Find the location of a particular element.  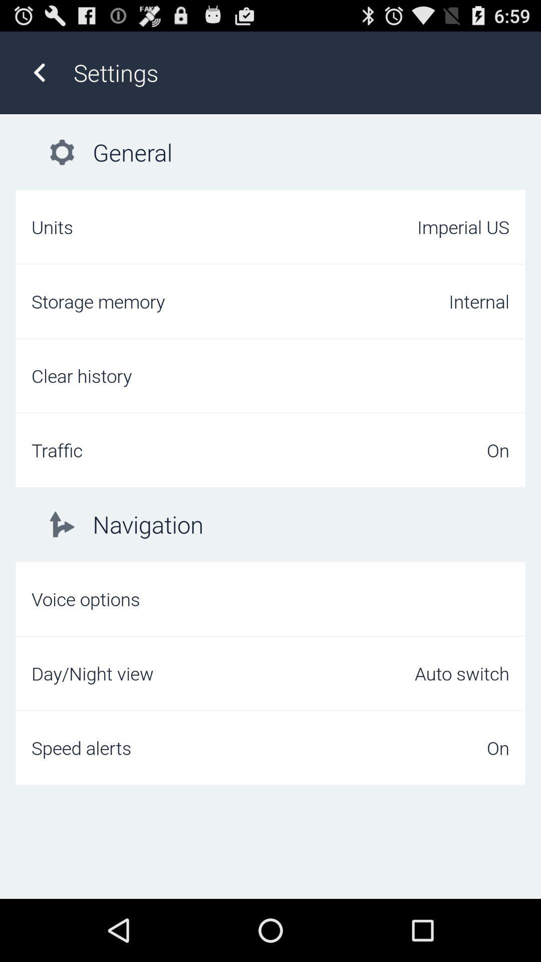

the settings icon is located at coordinates (296, 72).